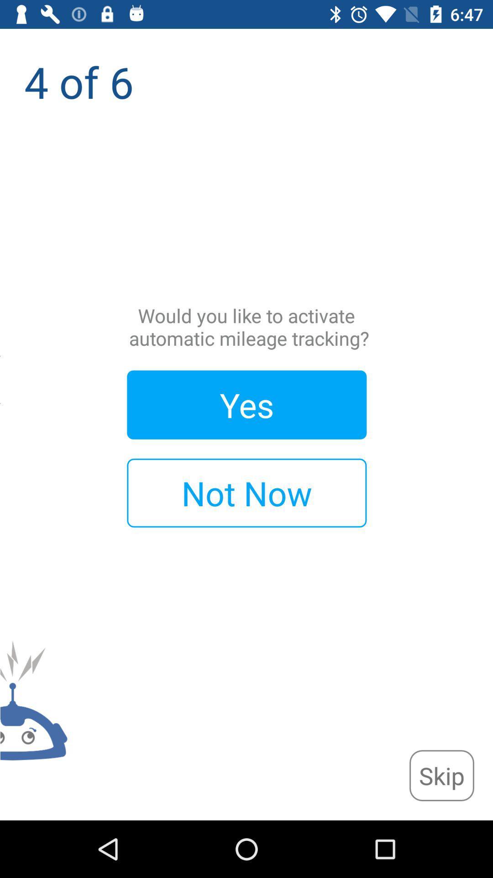  Describe the element at coordinates (441, 775) in the screenshot. I see `icon at the bottom right corner` at that location.